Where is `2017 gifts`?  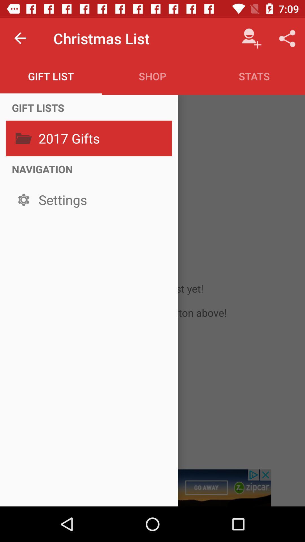
2017 gifts is located at coordinates (104, 138).